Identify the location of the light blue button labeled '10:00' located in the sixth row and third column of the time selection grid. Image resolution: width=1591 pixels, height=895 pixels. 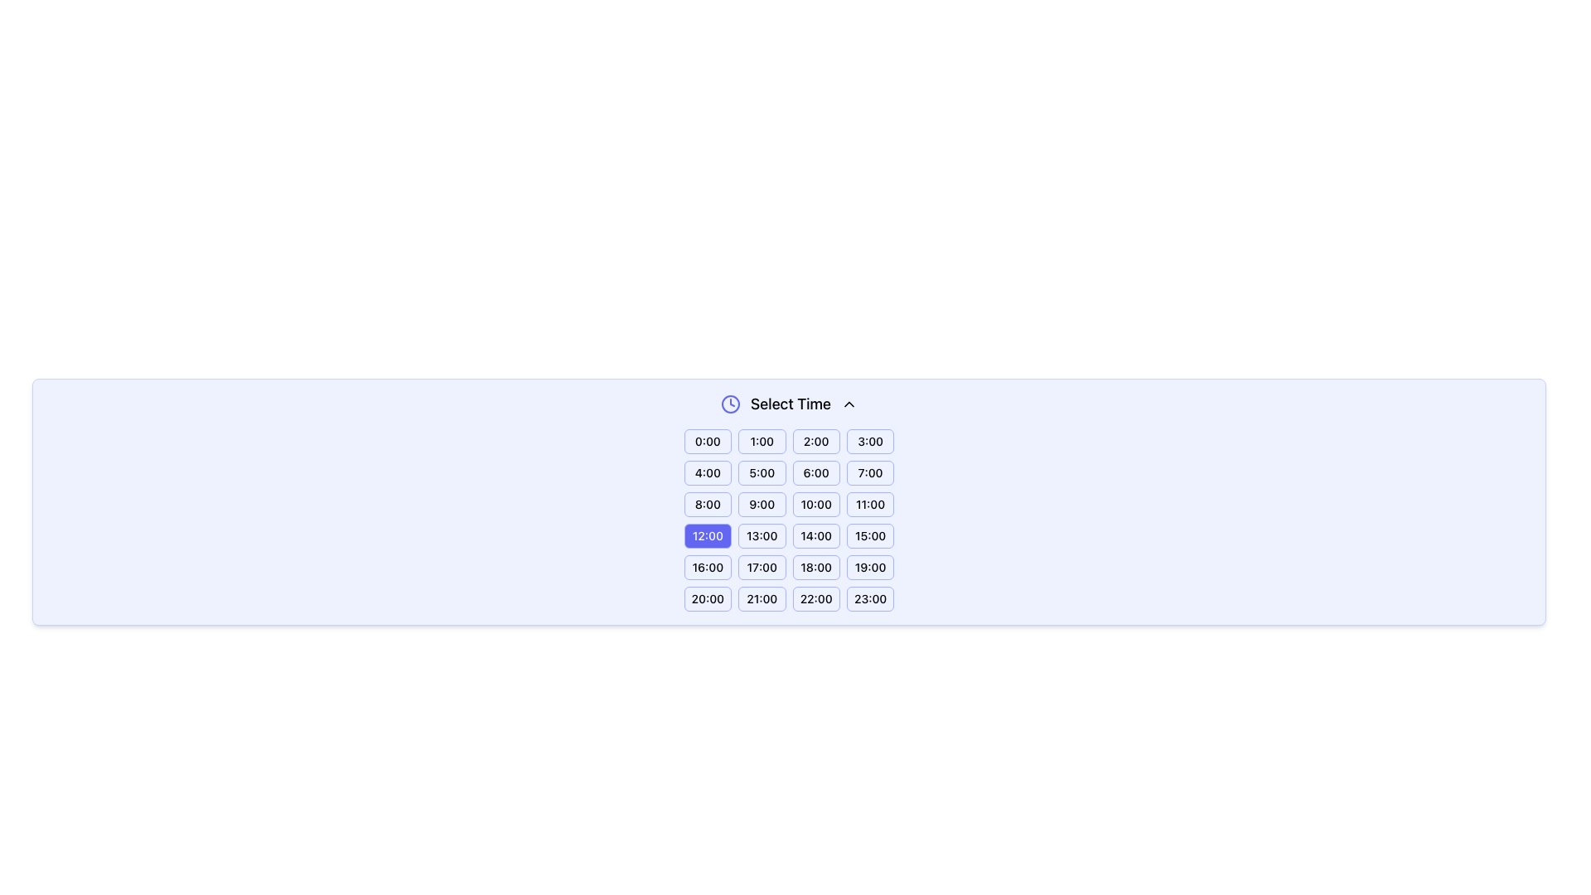
(816, 504).